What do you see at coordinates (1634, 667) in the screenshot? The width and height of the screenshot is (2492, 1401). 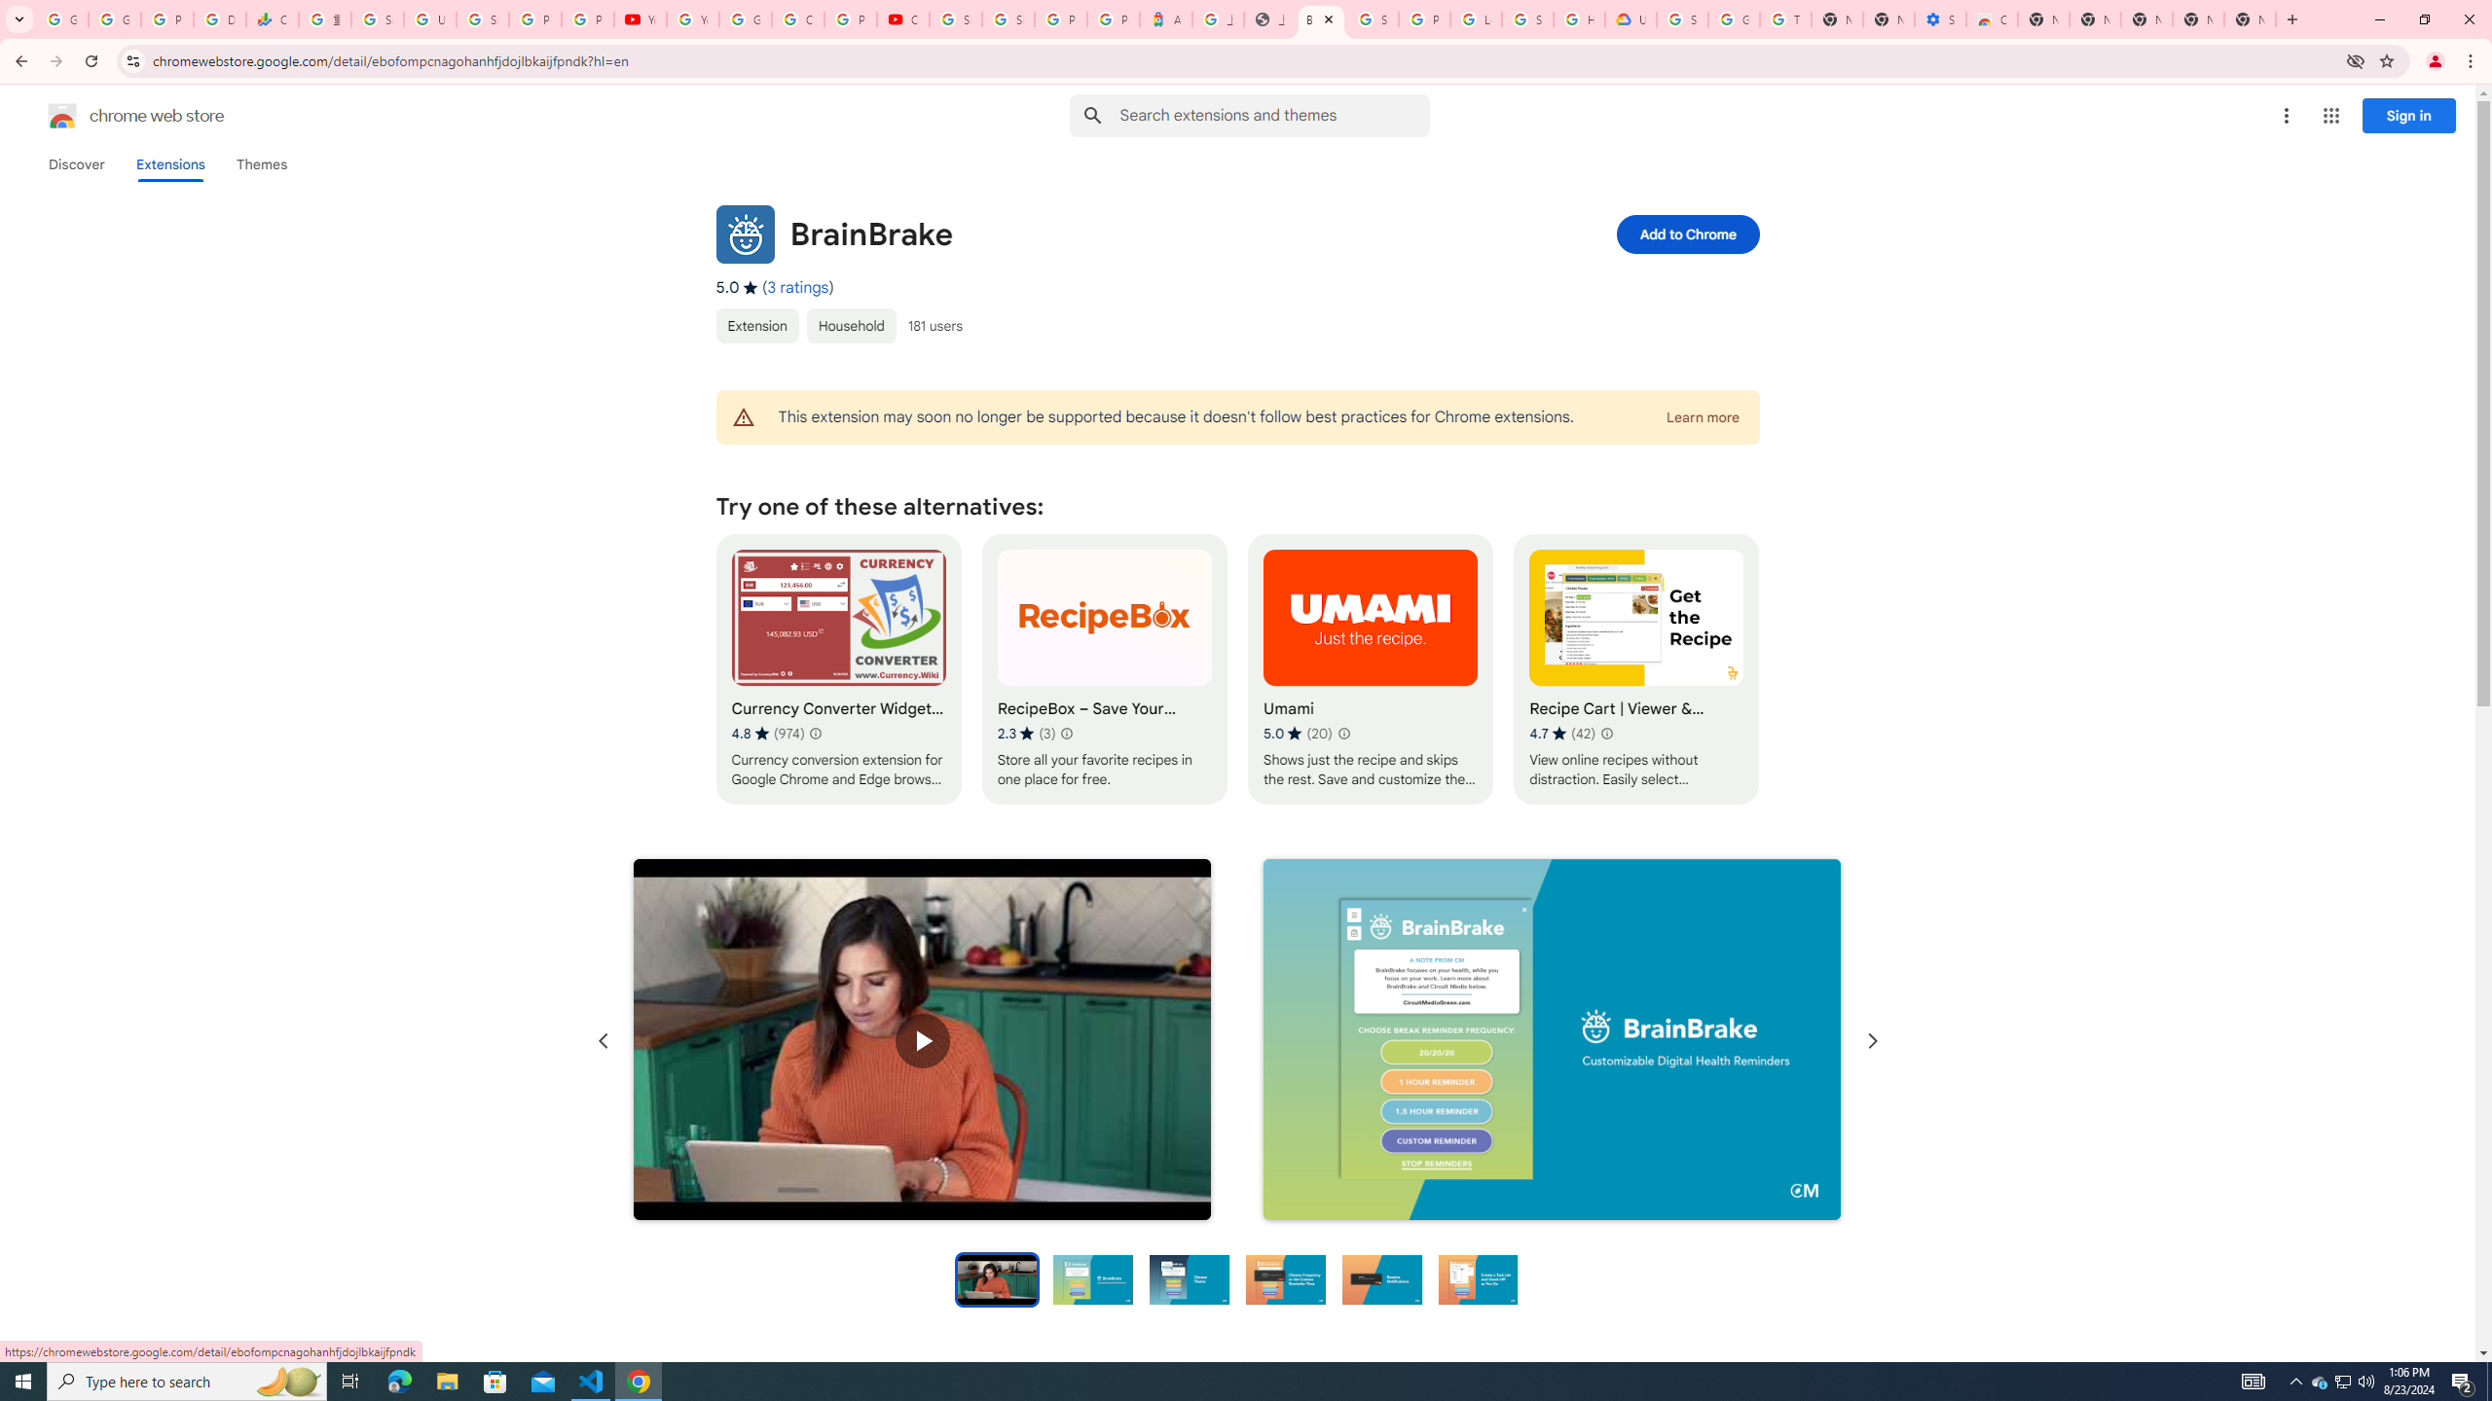 I see `'Recipe Cart | Viewer & Grocery Assistant'` at bounding box center [1634, 667].